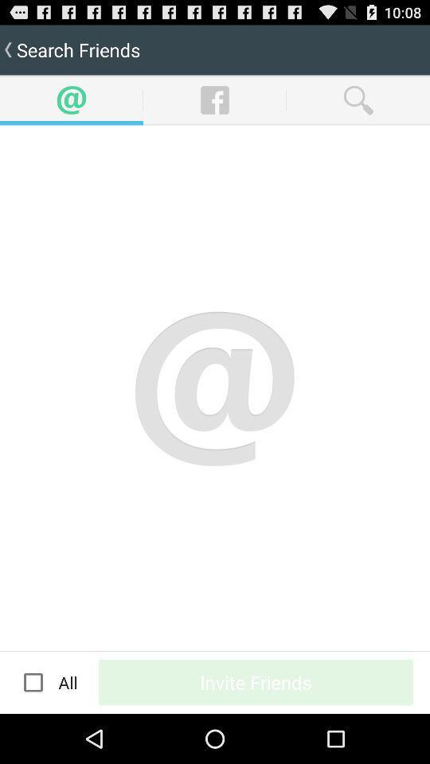  What do you see at coordinates (256, 681) in the screenshot?
I see `the item to the right of the all app` at bounding box center [256, 681].